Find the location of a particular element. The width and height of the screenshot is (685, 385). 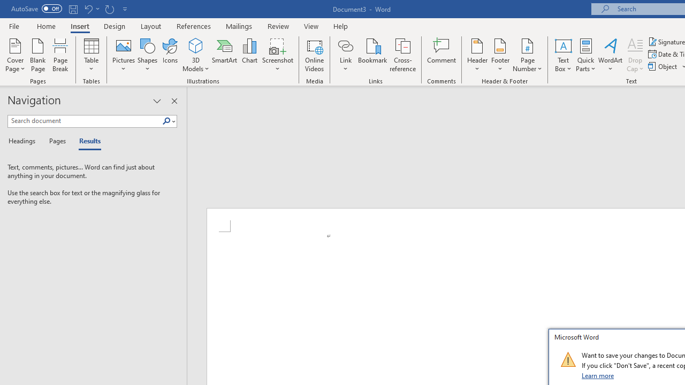

'Cover Page' is located at coordinates (15, 55).